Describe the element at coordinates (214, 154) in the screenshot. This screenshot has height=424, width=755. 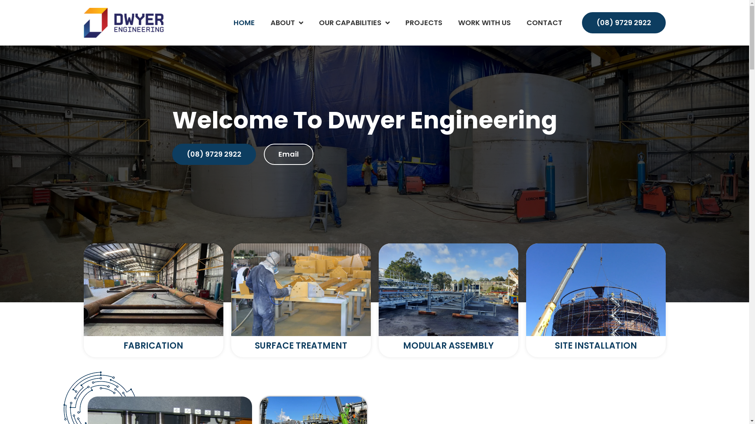
I see `'(08) 9729 2922'` at that location.